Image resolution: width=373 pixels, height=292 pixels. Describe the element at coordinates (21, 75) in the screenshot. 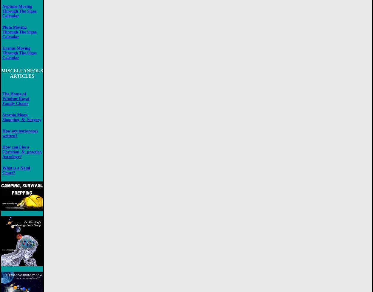

I see `'ARTICLES'` at that location.